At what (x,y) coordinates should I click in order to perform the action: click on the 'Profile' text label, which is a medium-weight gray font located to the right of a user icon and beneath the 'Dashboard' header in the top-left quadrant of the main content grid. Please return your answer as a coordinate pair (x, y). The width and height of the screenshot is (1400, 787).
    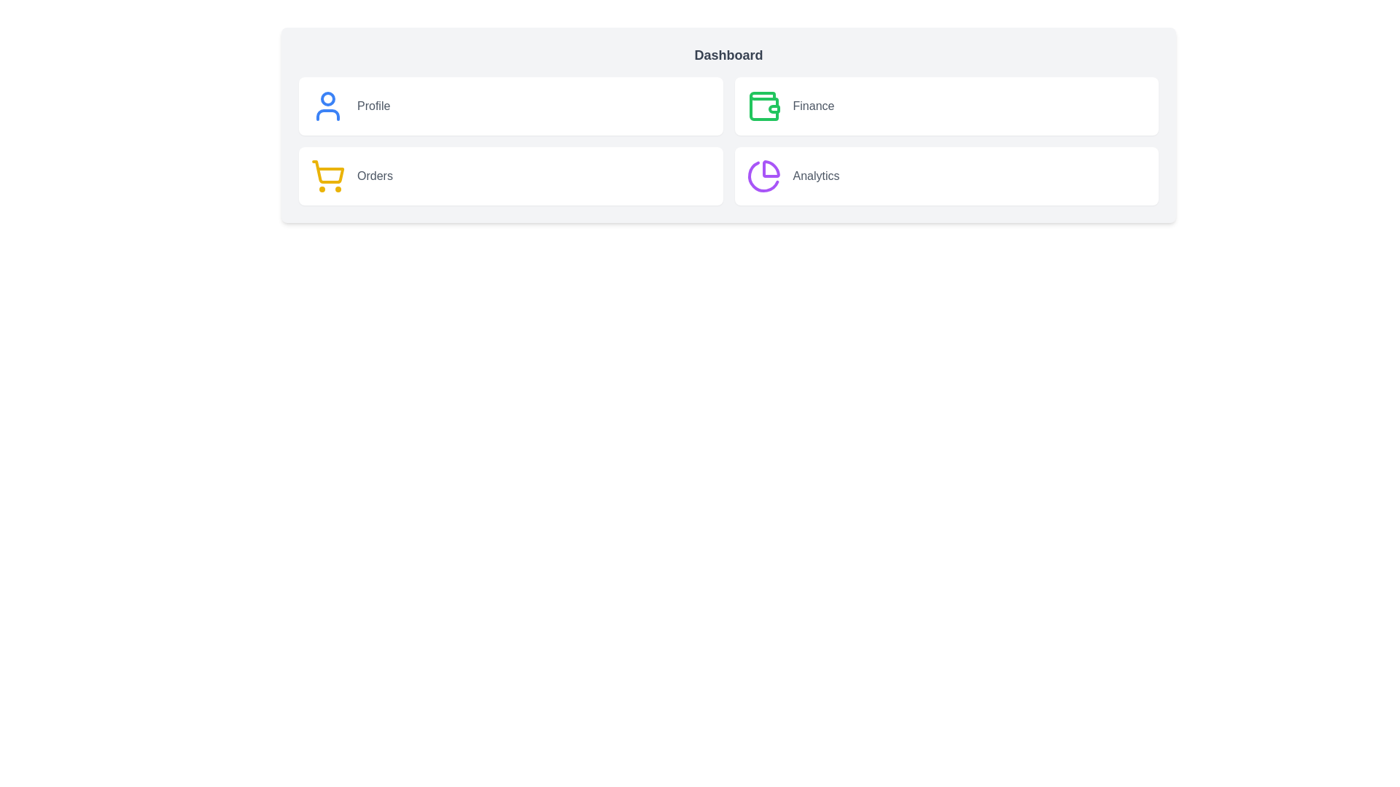
    Looking at the image, I should click on (373, 106).